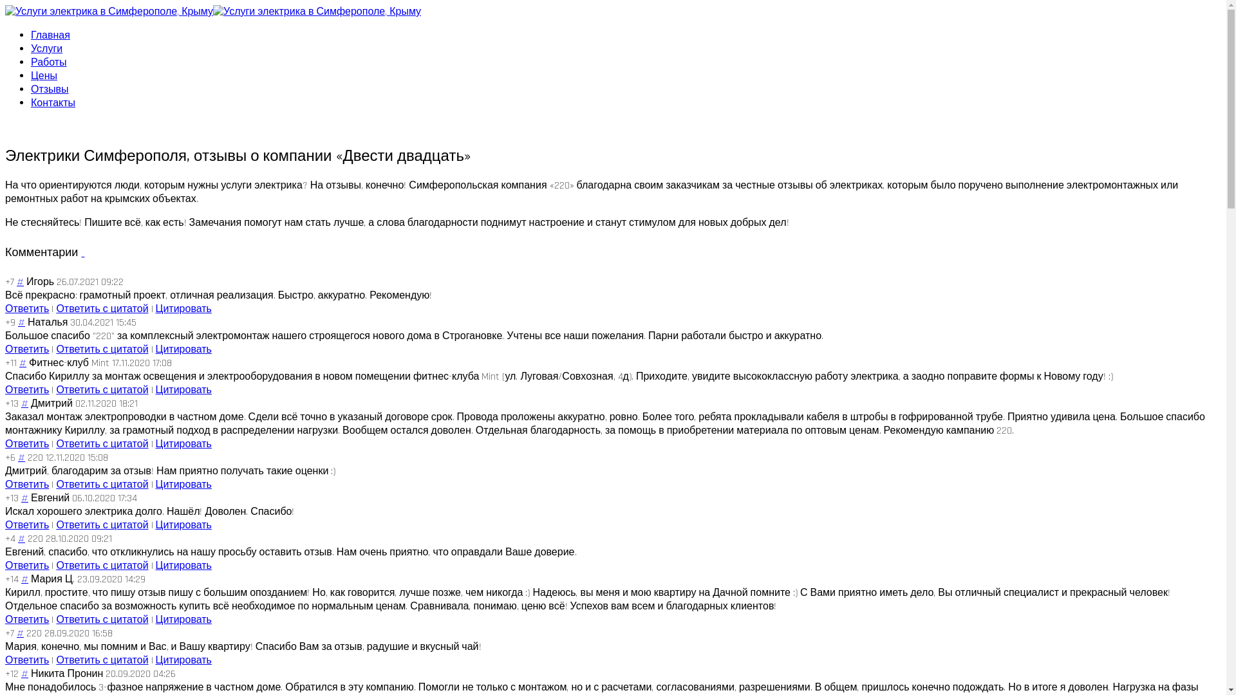 The width and height of the screenshot is (1236, 695). I want to click on '#', so click(16, 633).